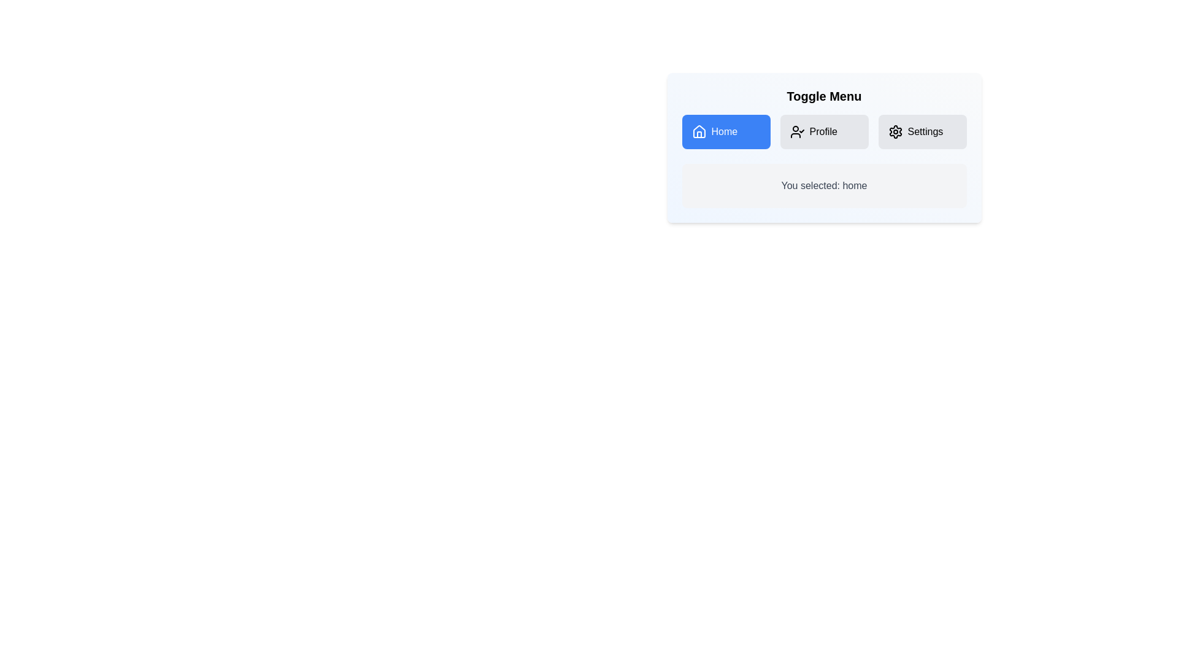  What do you see at coordinates (824, 132) in the screenshot?
I see `the Profile button` at bounding box center [824, 132].